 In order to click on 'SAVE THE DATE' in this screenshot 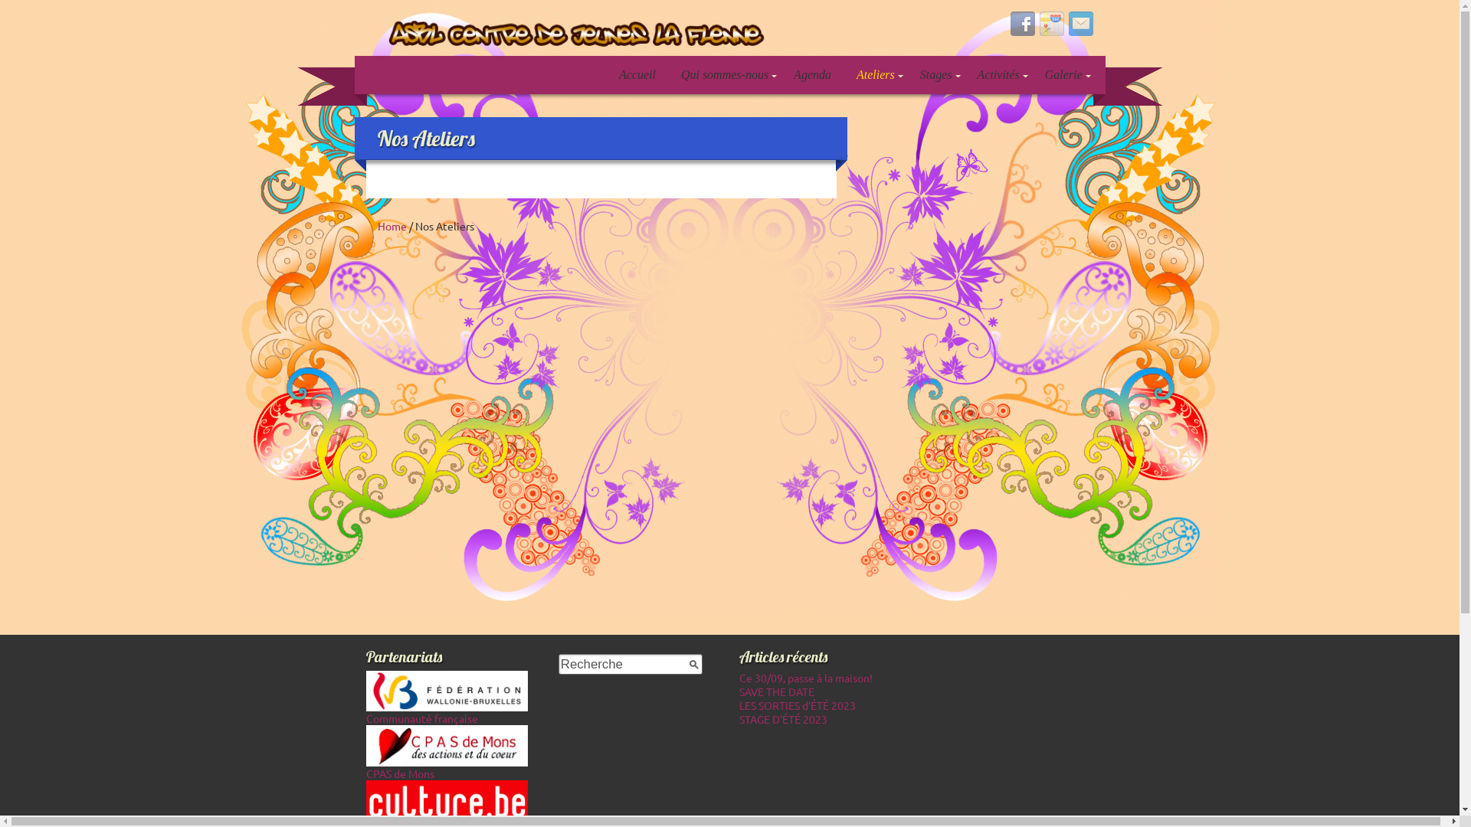, I will do `click(776, 691)`.